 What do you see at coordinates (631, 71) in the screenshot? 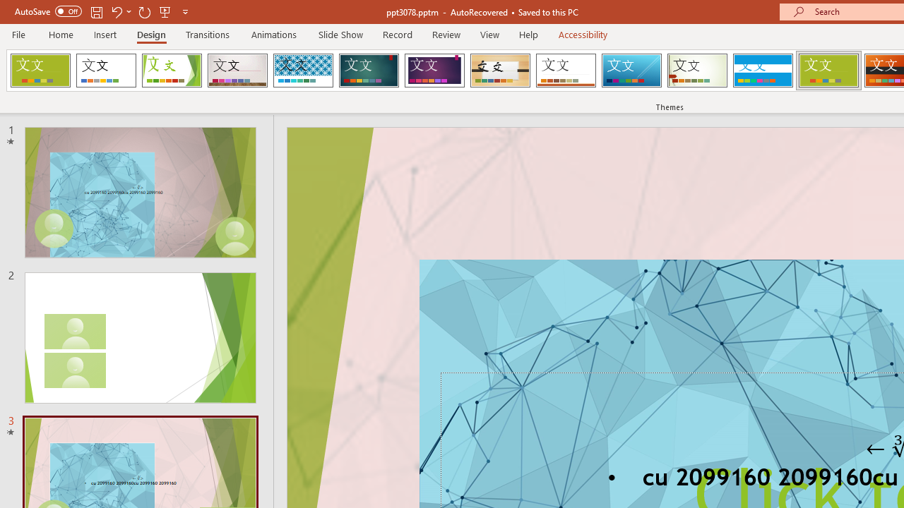
I see `'Slice'` at bounding box center [631, 71].